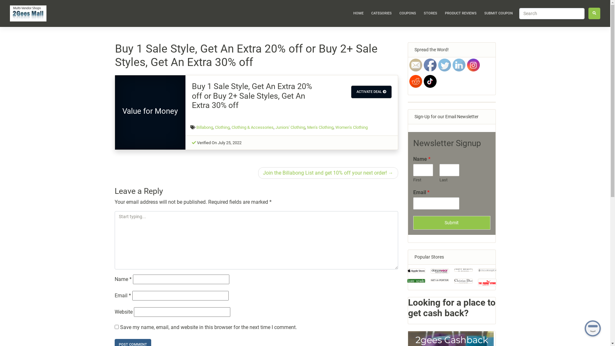 This screenshot has width=615, height=346. I want to click on 'LinkedIn', so click(458, 65).